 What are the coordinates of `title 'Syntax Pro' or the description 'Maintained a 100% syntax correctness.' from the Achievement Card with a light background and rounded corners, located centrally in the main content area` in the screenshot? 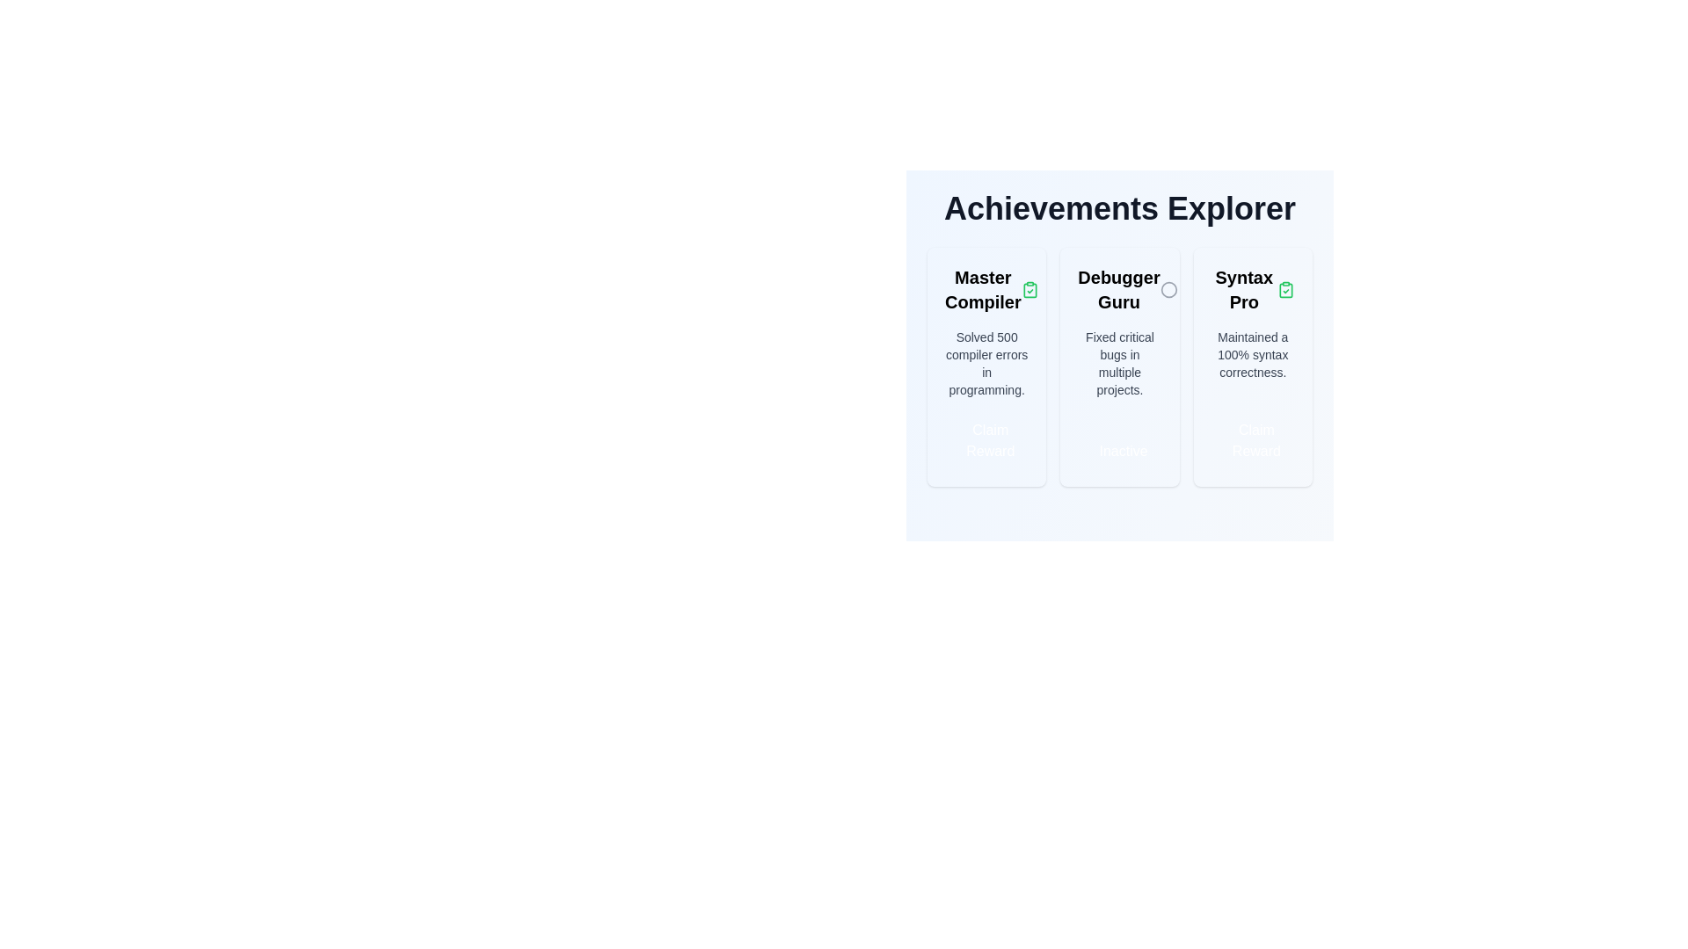 It's located at (1252, 366).